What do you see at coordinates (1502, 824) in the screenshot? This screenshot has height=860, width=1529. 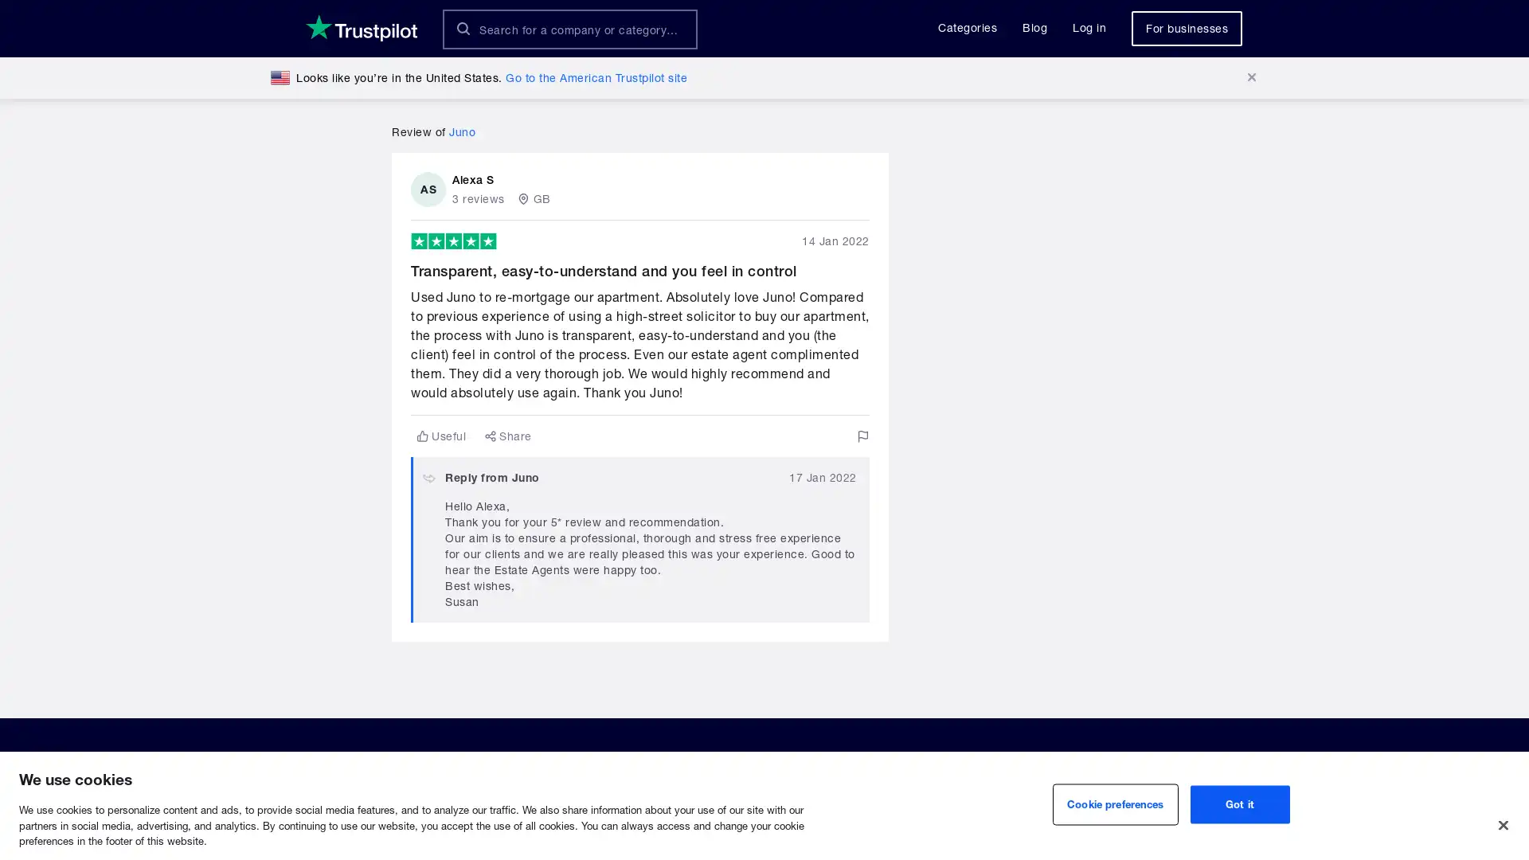 I see `Close` at bounding box center [1502, 824].